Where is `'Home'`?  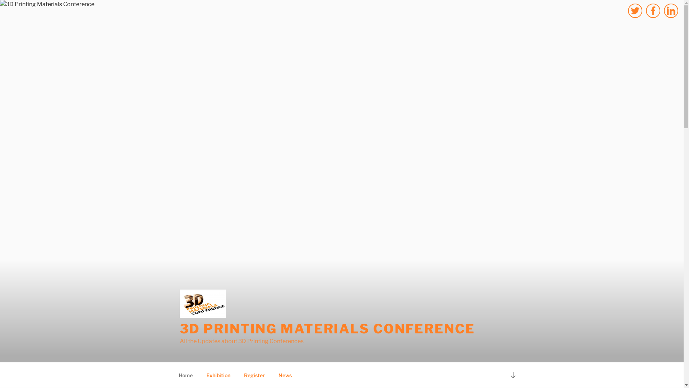 'Home' is located at coordinates (186, 375).